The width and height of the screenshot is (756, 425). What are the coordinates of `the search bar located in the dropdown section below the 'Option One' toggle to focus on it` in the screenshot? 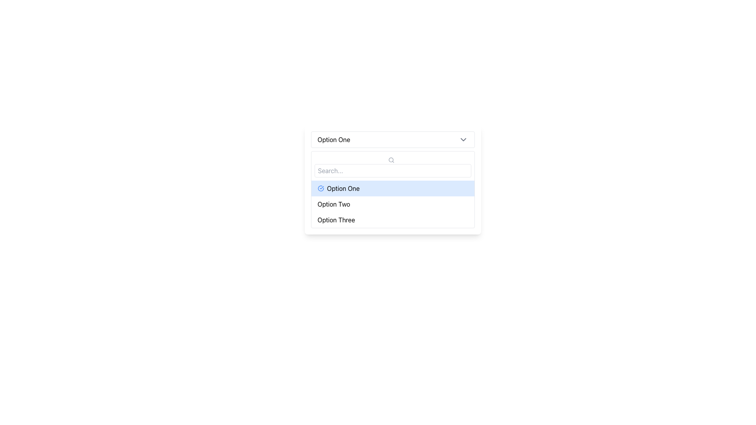 It's located at (393, 165).